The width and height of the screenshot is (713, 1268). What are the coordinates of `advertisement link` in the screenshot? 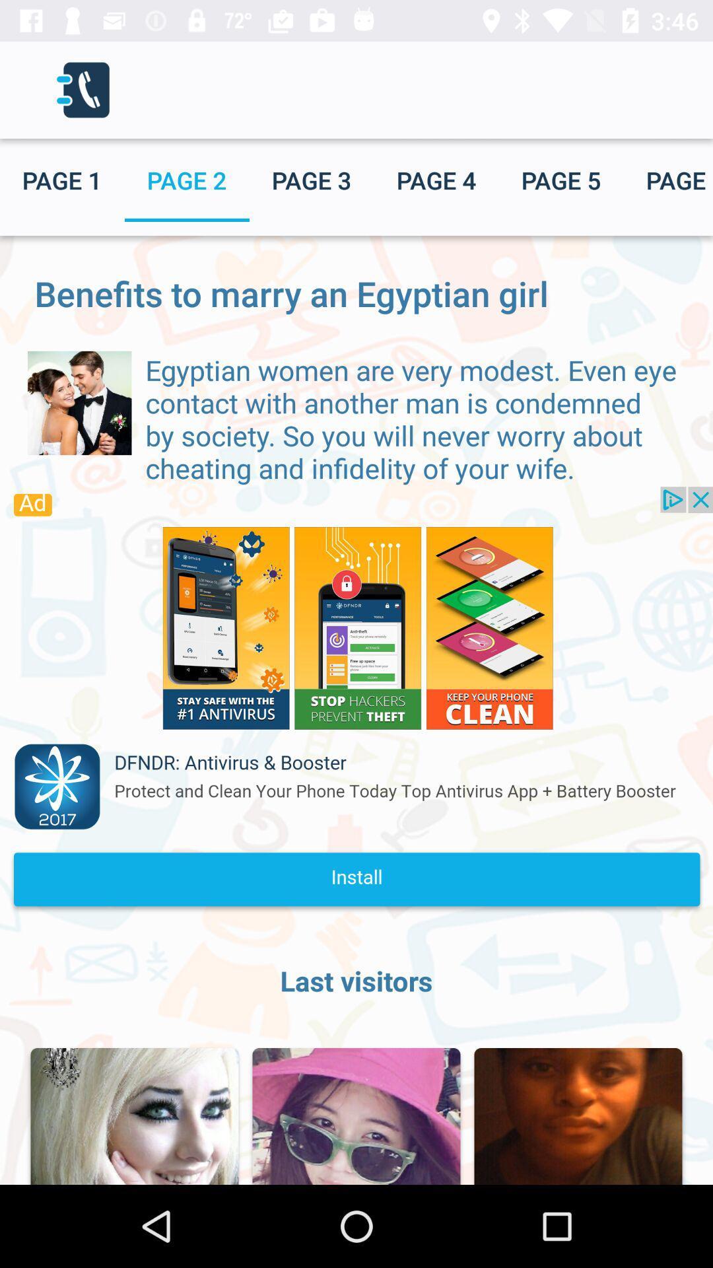 It's located at (356, 703).